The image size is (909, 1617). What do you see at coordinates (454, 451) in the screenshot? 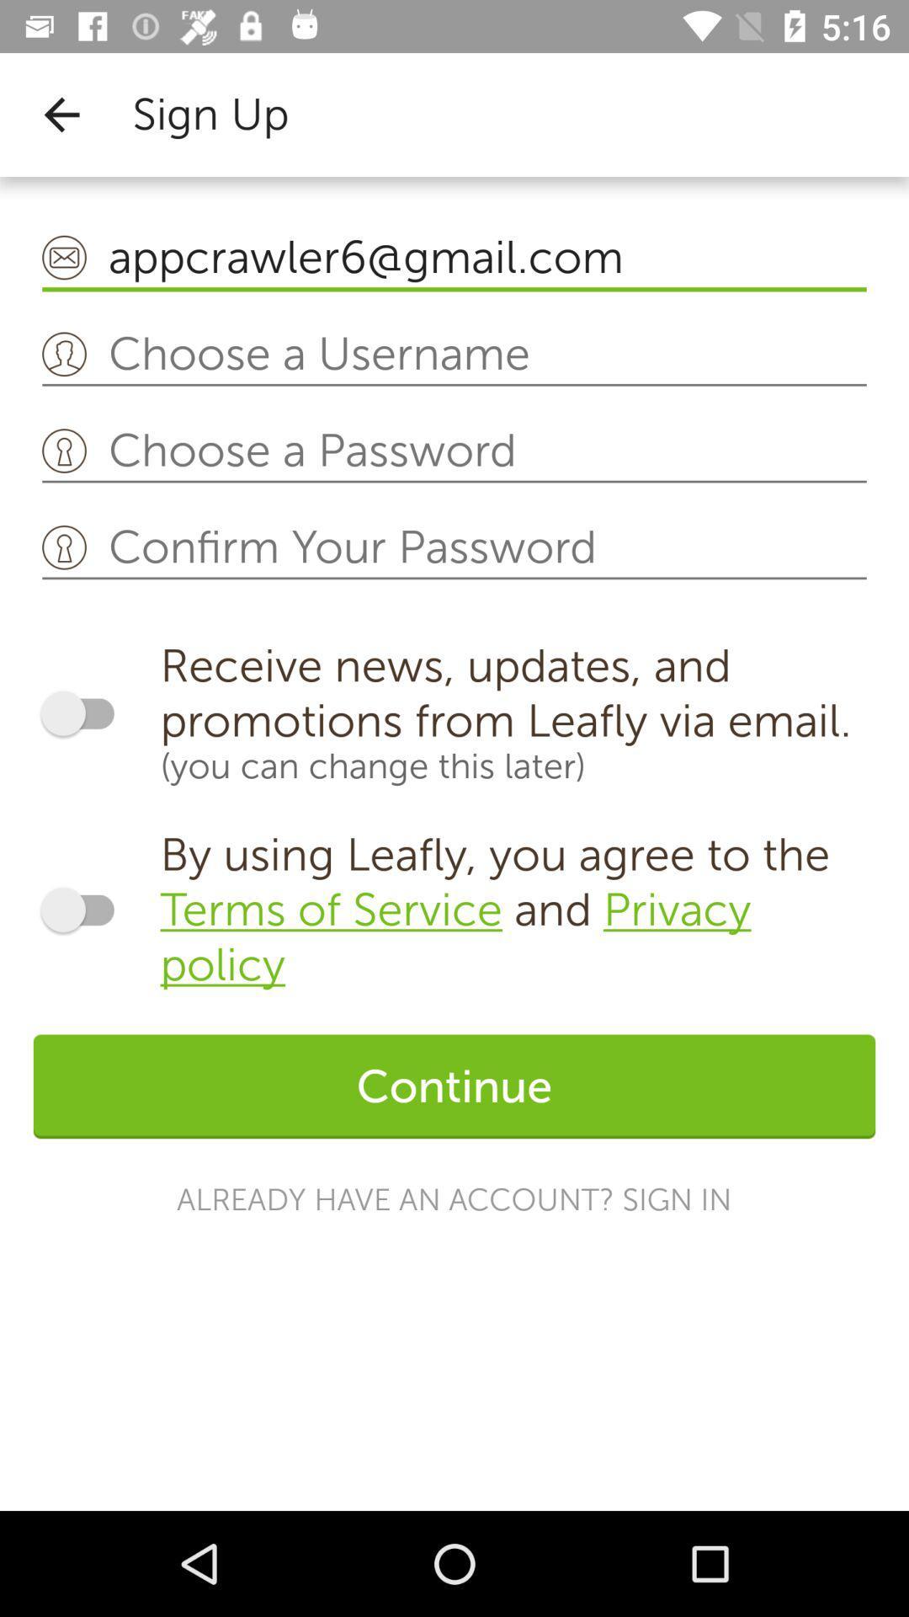
I see `choose password` at bounding box center [454, 451].